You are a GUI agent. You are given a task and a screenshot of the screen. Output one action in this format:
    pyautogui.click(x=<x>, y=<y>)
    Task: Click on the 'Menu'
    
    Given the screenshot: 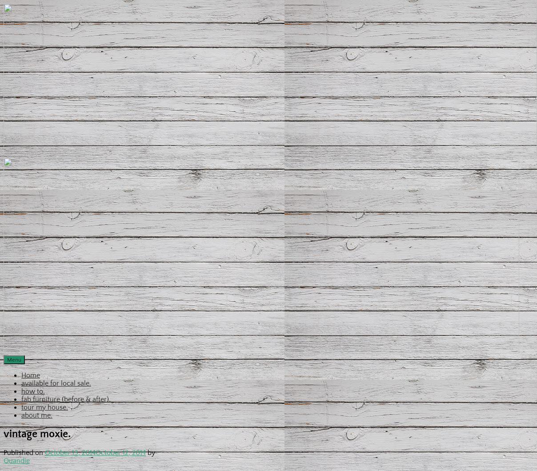 What is the action you would take?
    pyautogui.click(x=14, y=359)
    